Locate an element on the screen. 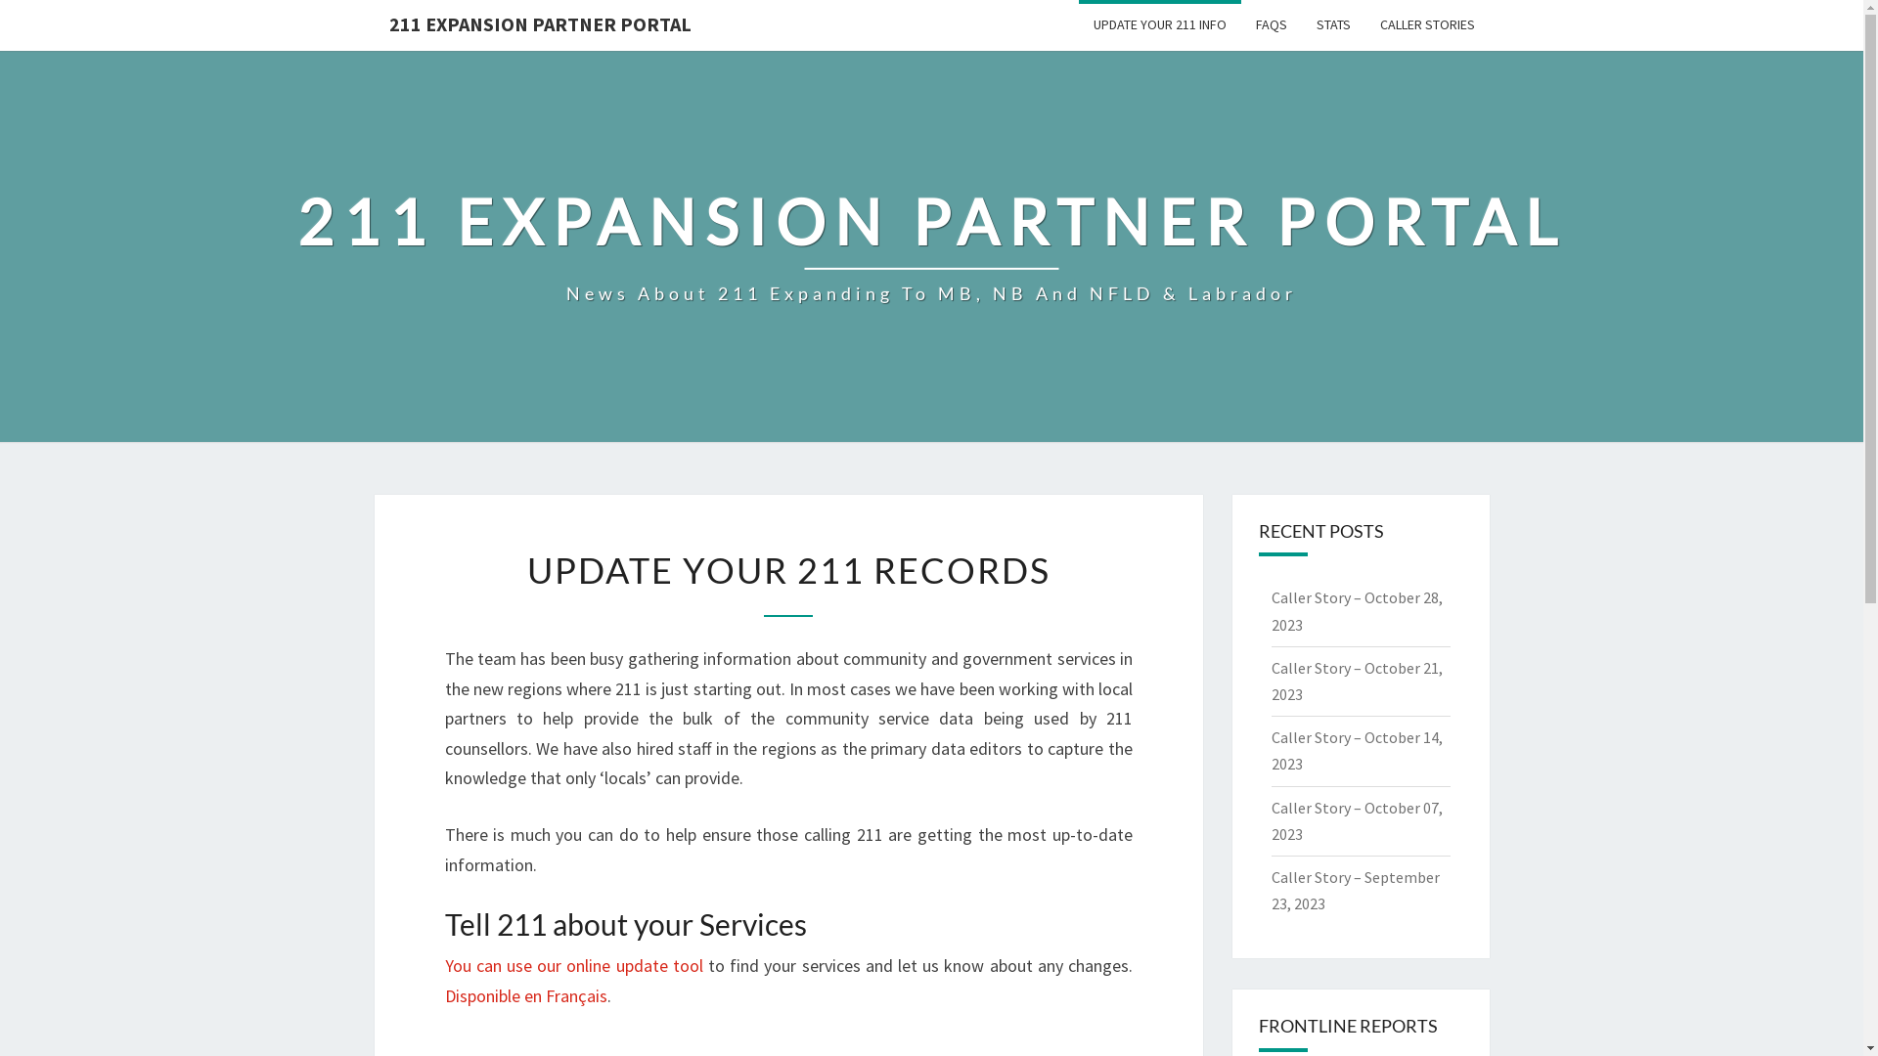  'Disponible en F' is located at coordinates (498, 995).